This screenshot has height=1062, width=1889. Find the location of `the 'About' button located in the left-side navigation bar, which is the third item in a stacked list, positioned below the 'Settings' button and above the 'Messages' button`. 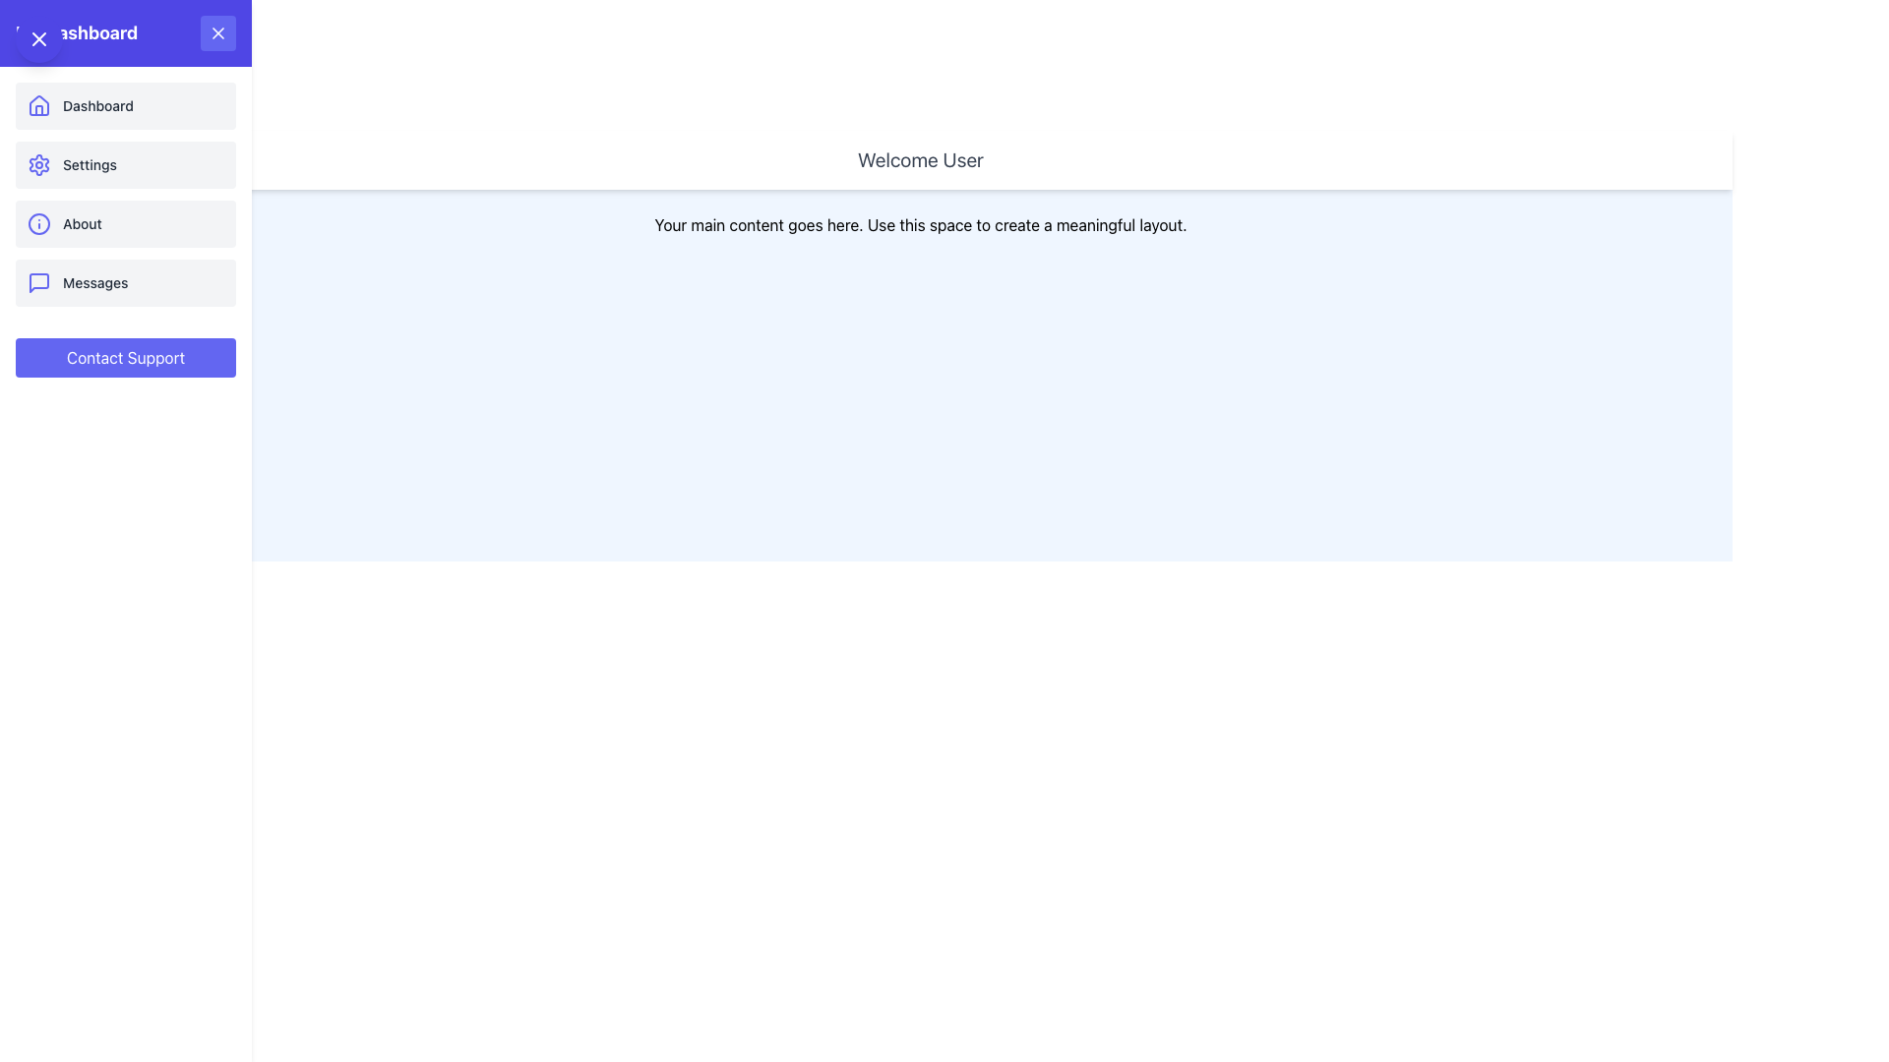

the 'About' button located in the left-side navigation bar, which is the third item in a stacked list, positioned below the 'Settings' button and above the 'Messages' button is located at coordinates (125, 222).